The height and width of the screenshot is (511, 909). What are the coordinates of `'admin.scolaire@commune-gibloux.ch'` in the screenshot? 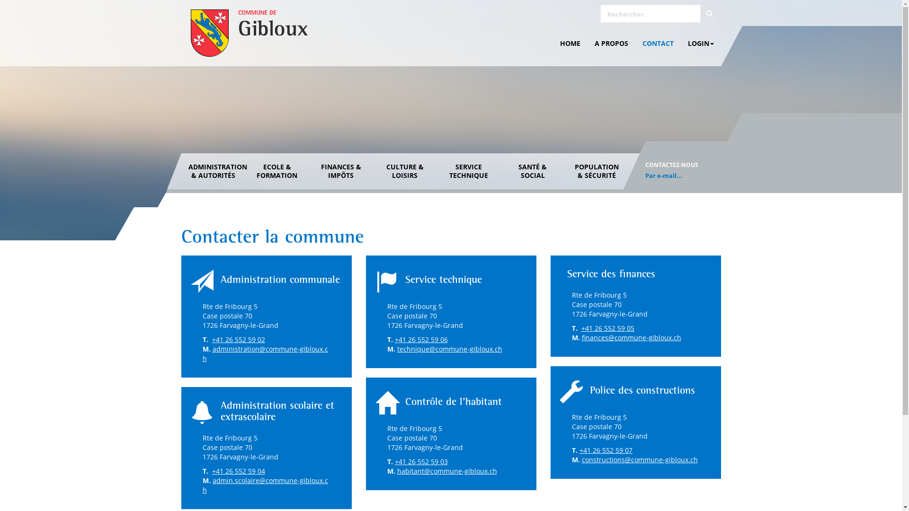 It's located at (265, 485).